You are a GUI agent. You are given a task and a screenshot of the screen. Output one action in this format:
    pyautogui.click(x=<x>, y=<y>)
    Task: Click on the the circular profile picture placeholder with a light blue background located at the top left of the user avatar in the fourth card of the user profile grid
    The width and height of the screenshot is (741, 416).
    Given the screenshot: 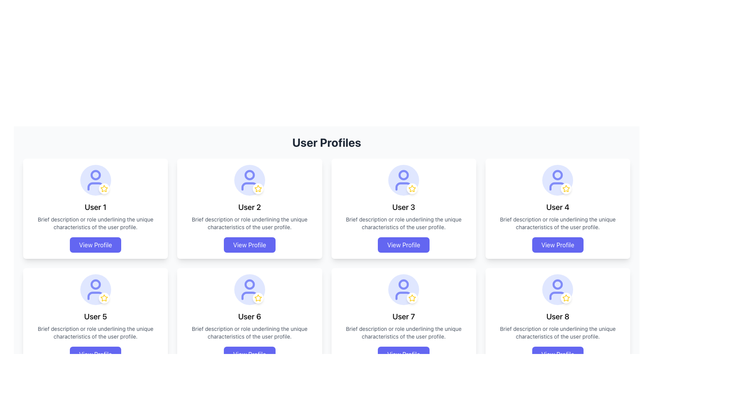 What is the action you would take?
    pyautogui.click(x=558, y=175)
    